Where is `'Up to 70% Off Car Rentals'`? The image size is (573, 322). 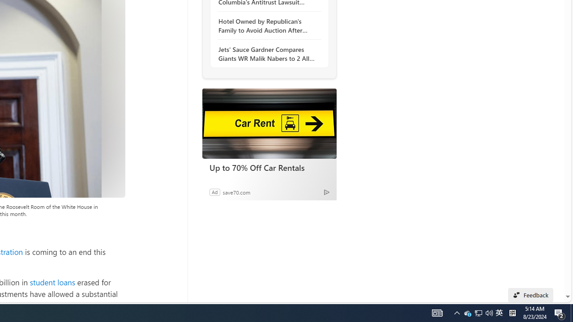 'Up to 70% Off Car Rentals' is located at coordinates (269, 123).